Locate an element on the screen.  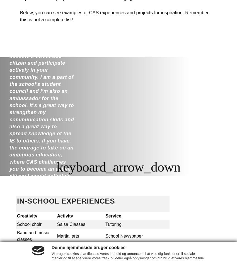
'Tutoring' is located at coordinates (113, 224).